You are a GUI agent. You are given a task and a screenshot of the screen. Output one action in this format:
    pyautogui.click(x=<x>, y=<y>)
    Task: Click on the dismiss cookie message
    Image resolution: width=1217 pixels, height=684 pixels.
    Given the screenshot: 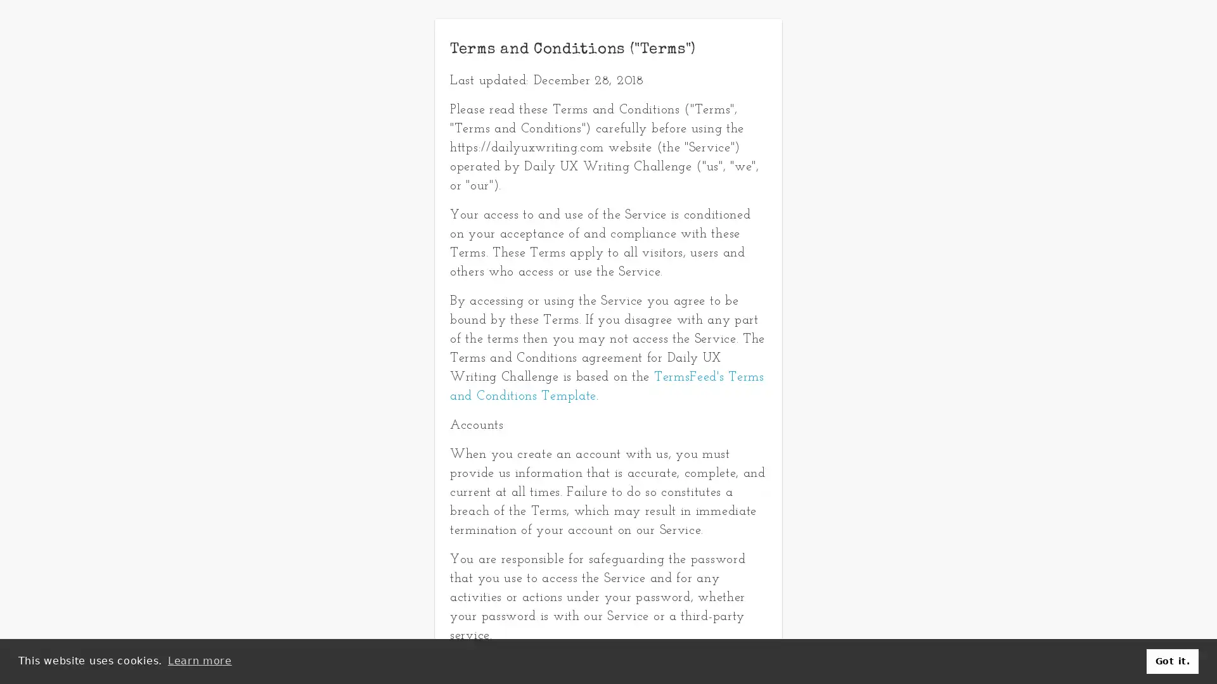 What is the action you would take?
    pyautogui.click(x=1171, y=661)
    